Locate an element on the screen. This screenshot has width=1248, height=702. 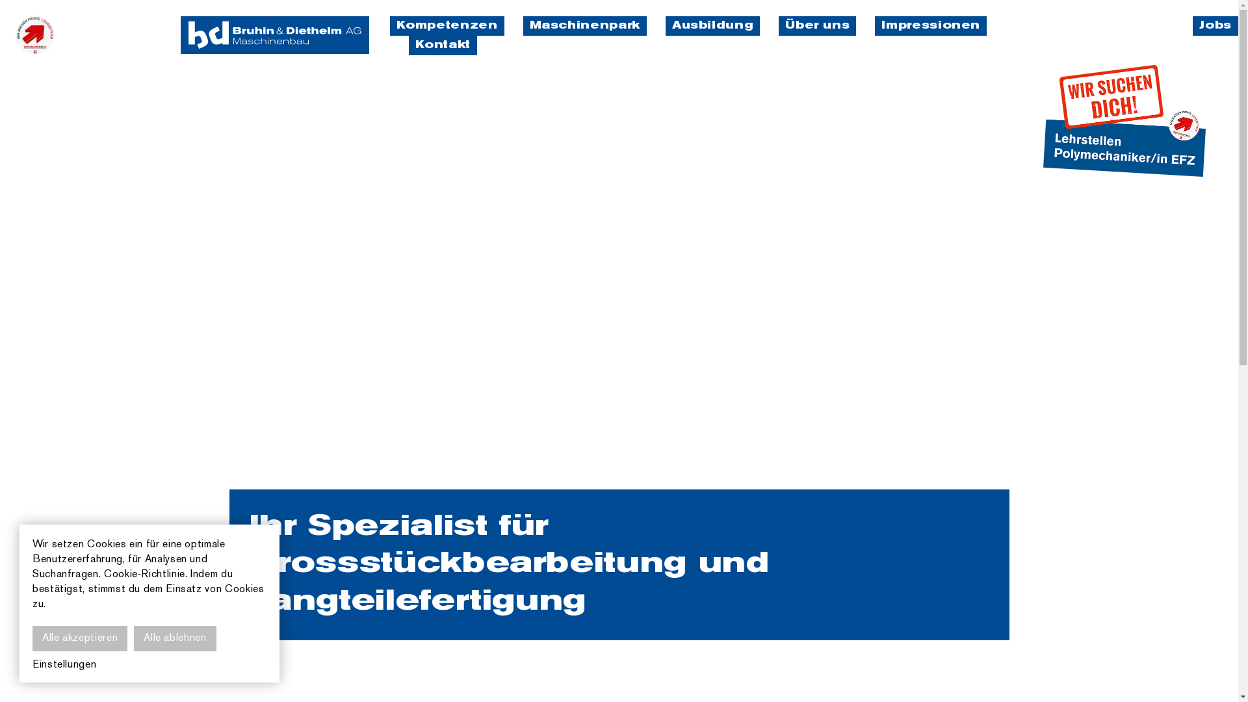
'Alle ablehnen' is located at coordinates (174, 638).